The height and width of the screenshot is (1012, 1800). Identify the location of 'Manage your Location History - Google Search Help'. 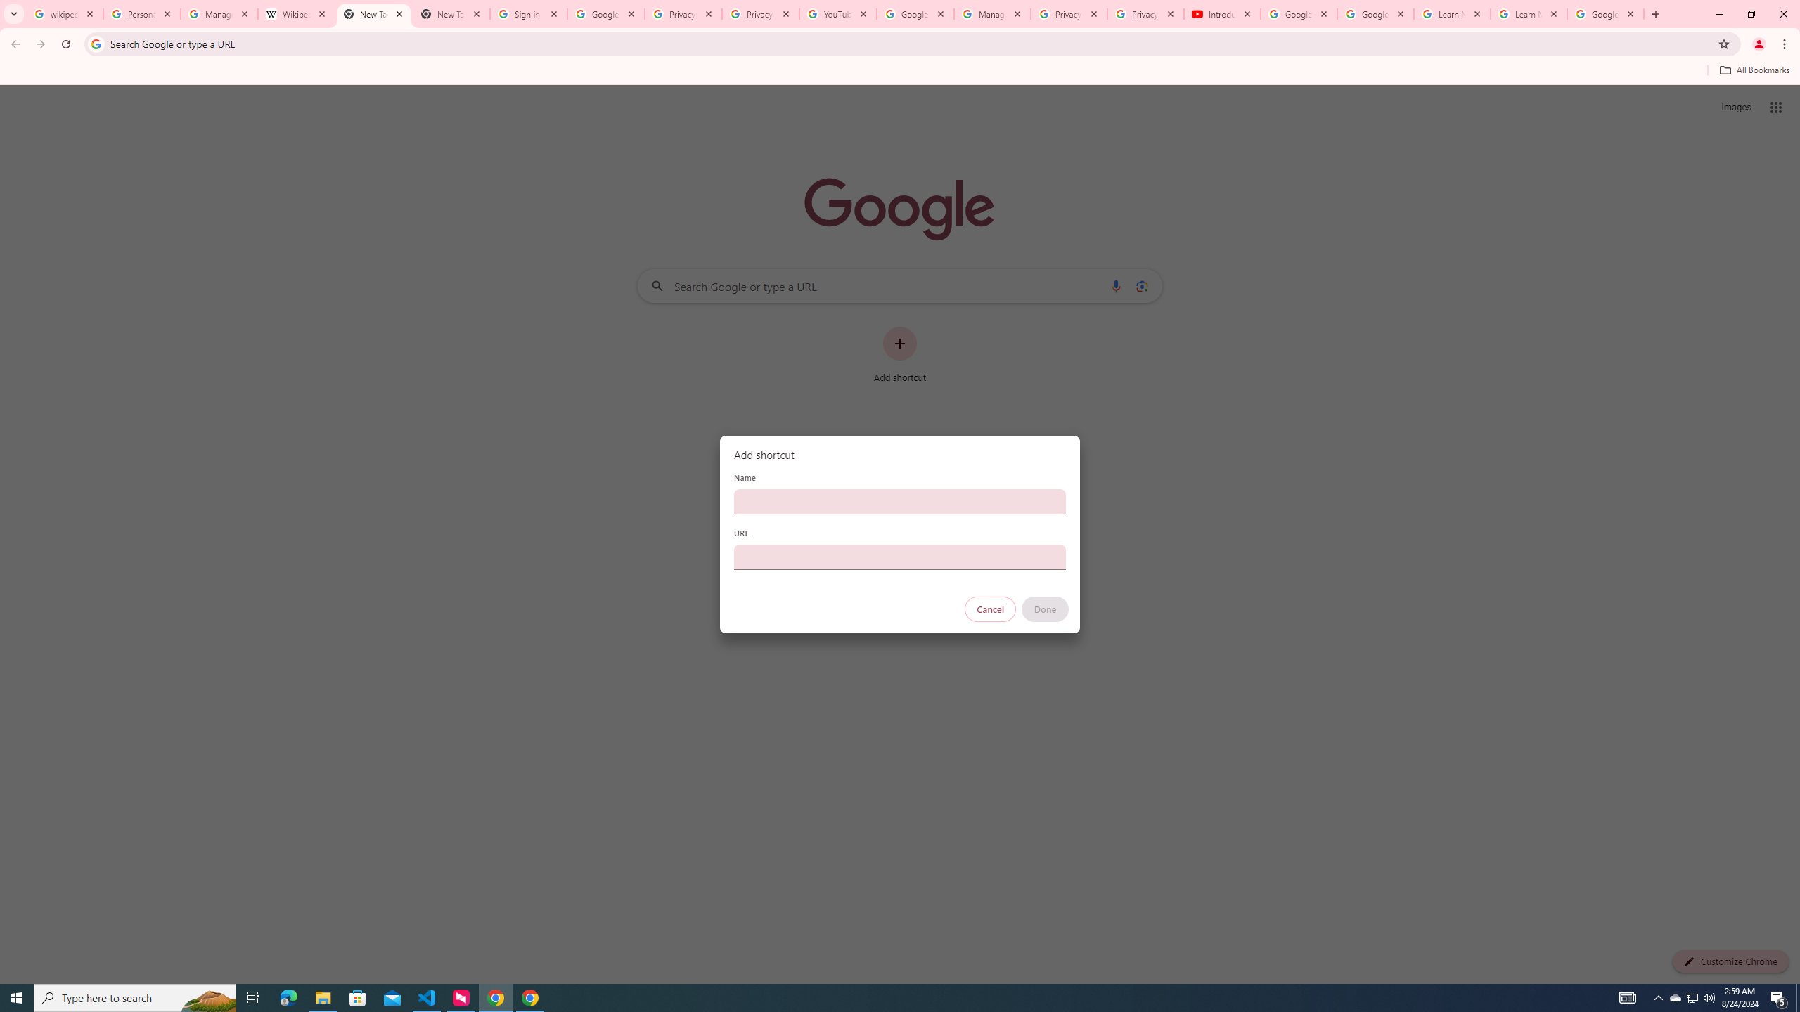
(219, 13).